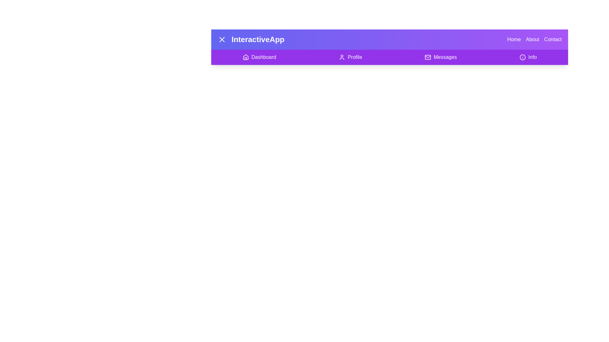  I want to click on the button labeled Info to observe its hover effect, so click(528, 57).